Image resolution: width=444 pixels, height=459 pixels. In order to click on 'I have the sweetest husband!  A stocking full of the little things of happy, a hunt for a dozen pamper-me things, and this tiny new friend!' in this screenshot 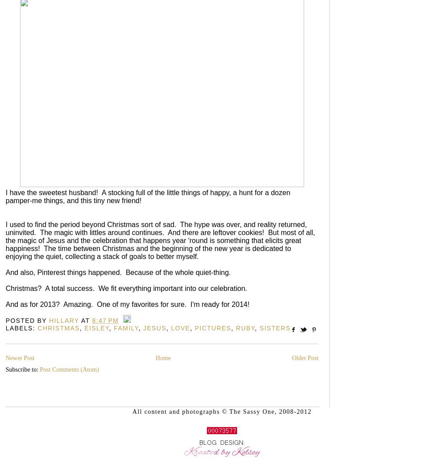, I will do `click(147, 196)`.